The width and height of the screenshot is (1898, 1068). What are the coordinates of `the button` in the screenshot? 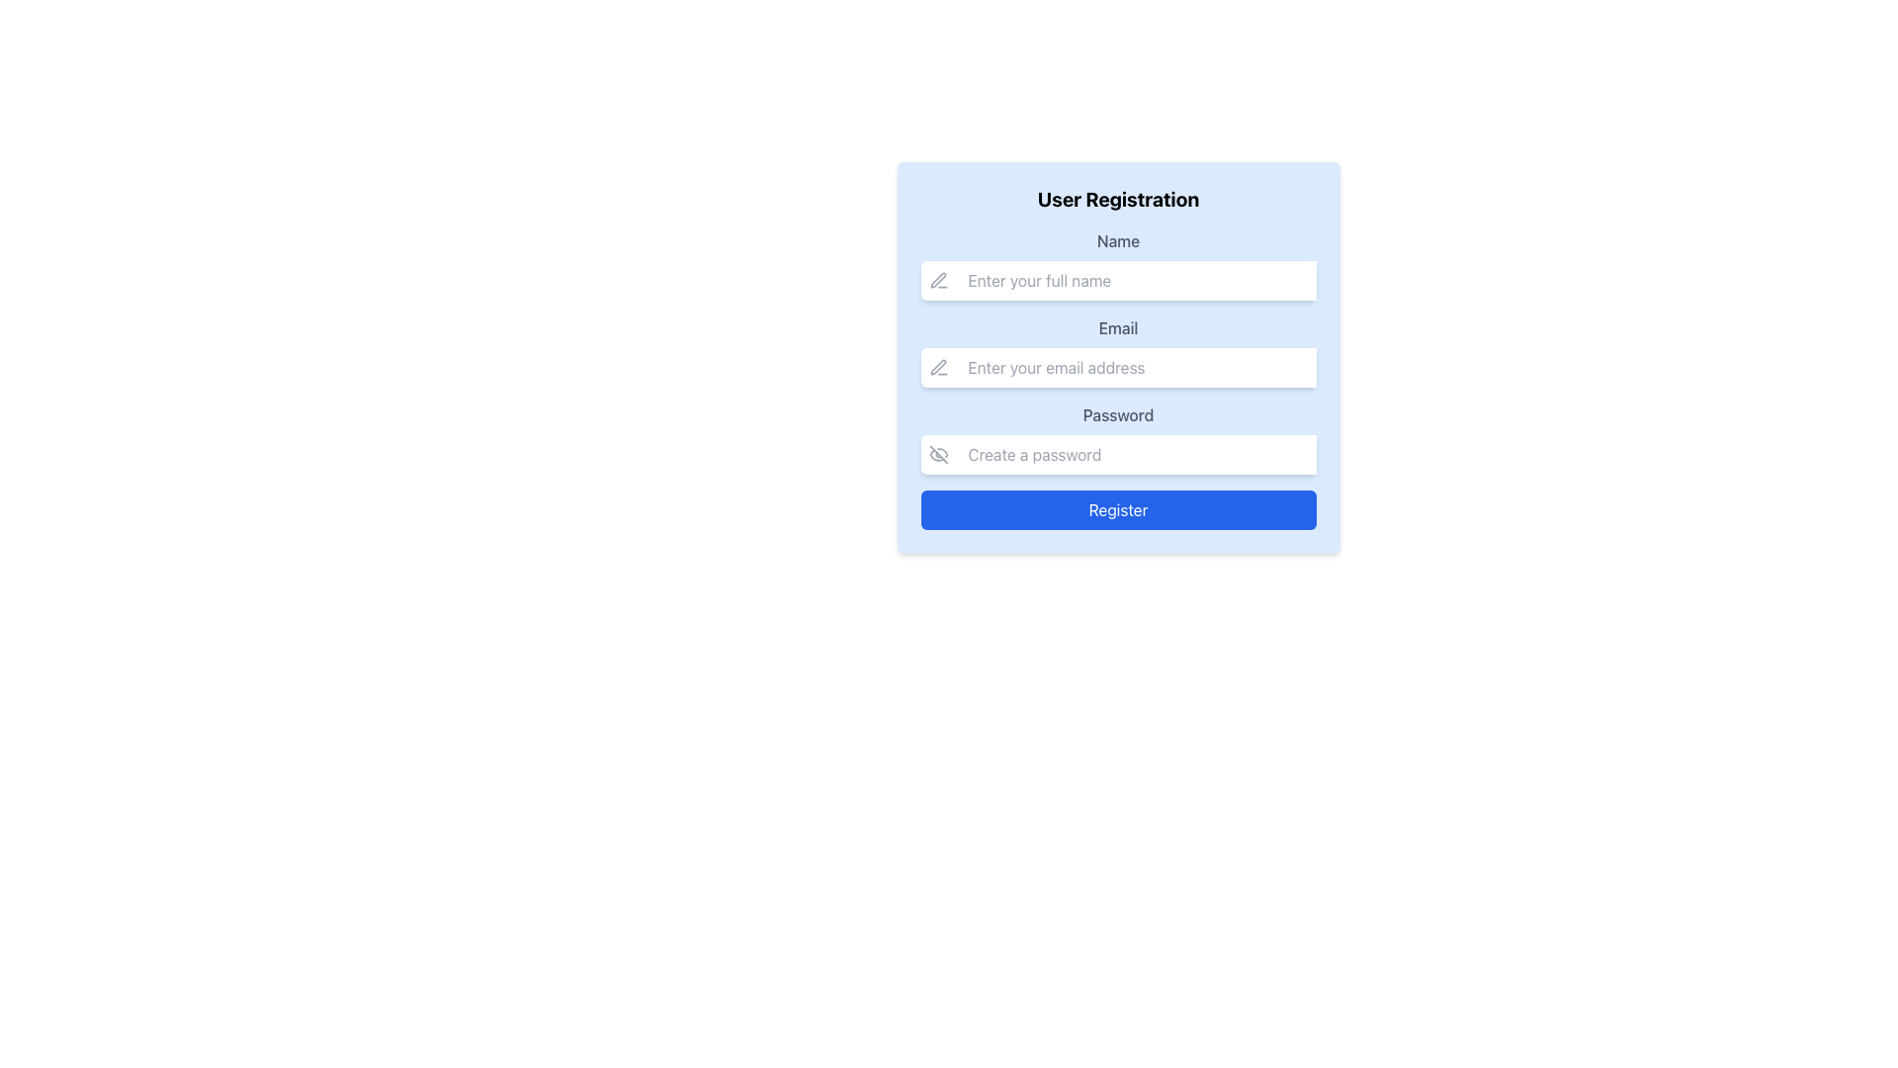 It's located at (937, 454).